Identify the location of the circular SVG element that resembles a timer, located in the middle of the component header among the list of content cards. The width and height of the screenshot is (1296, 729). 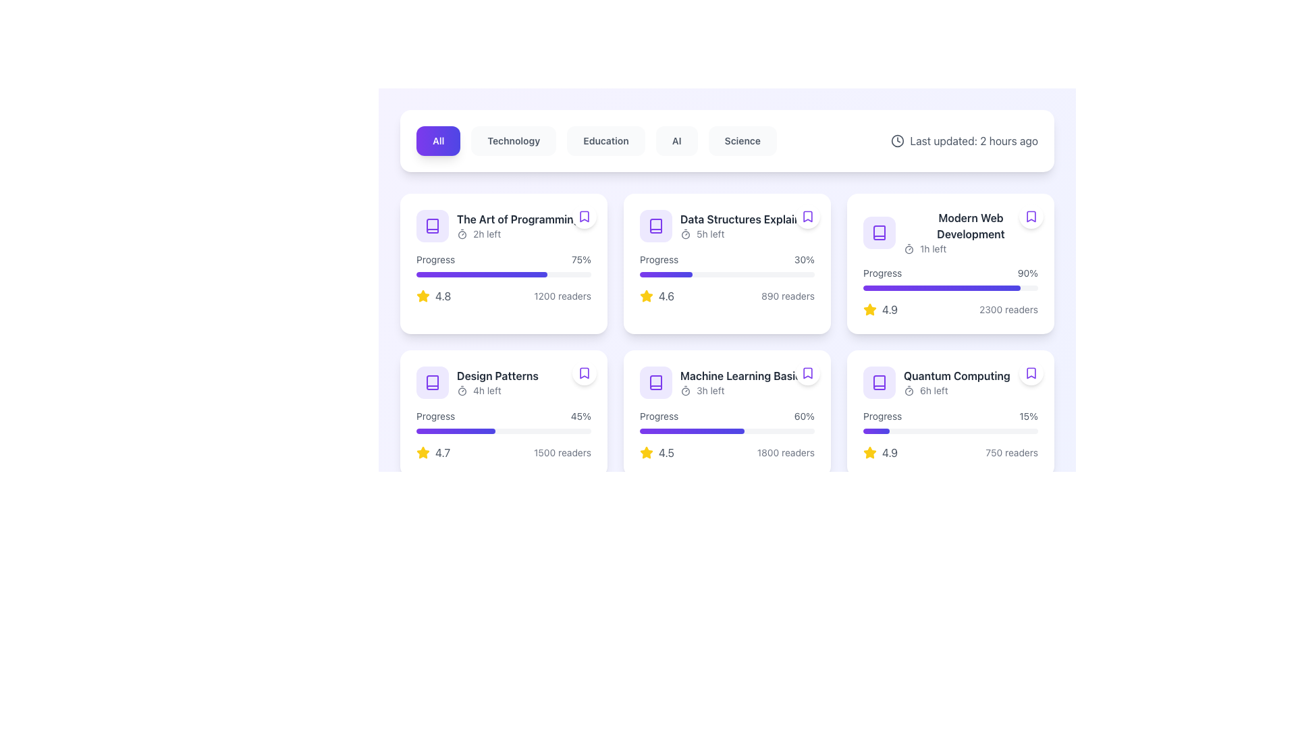
(909, 250).